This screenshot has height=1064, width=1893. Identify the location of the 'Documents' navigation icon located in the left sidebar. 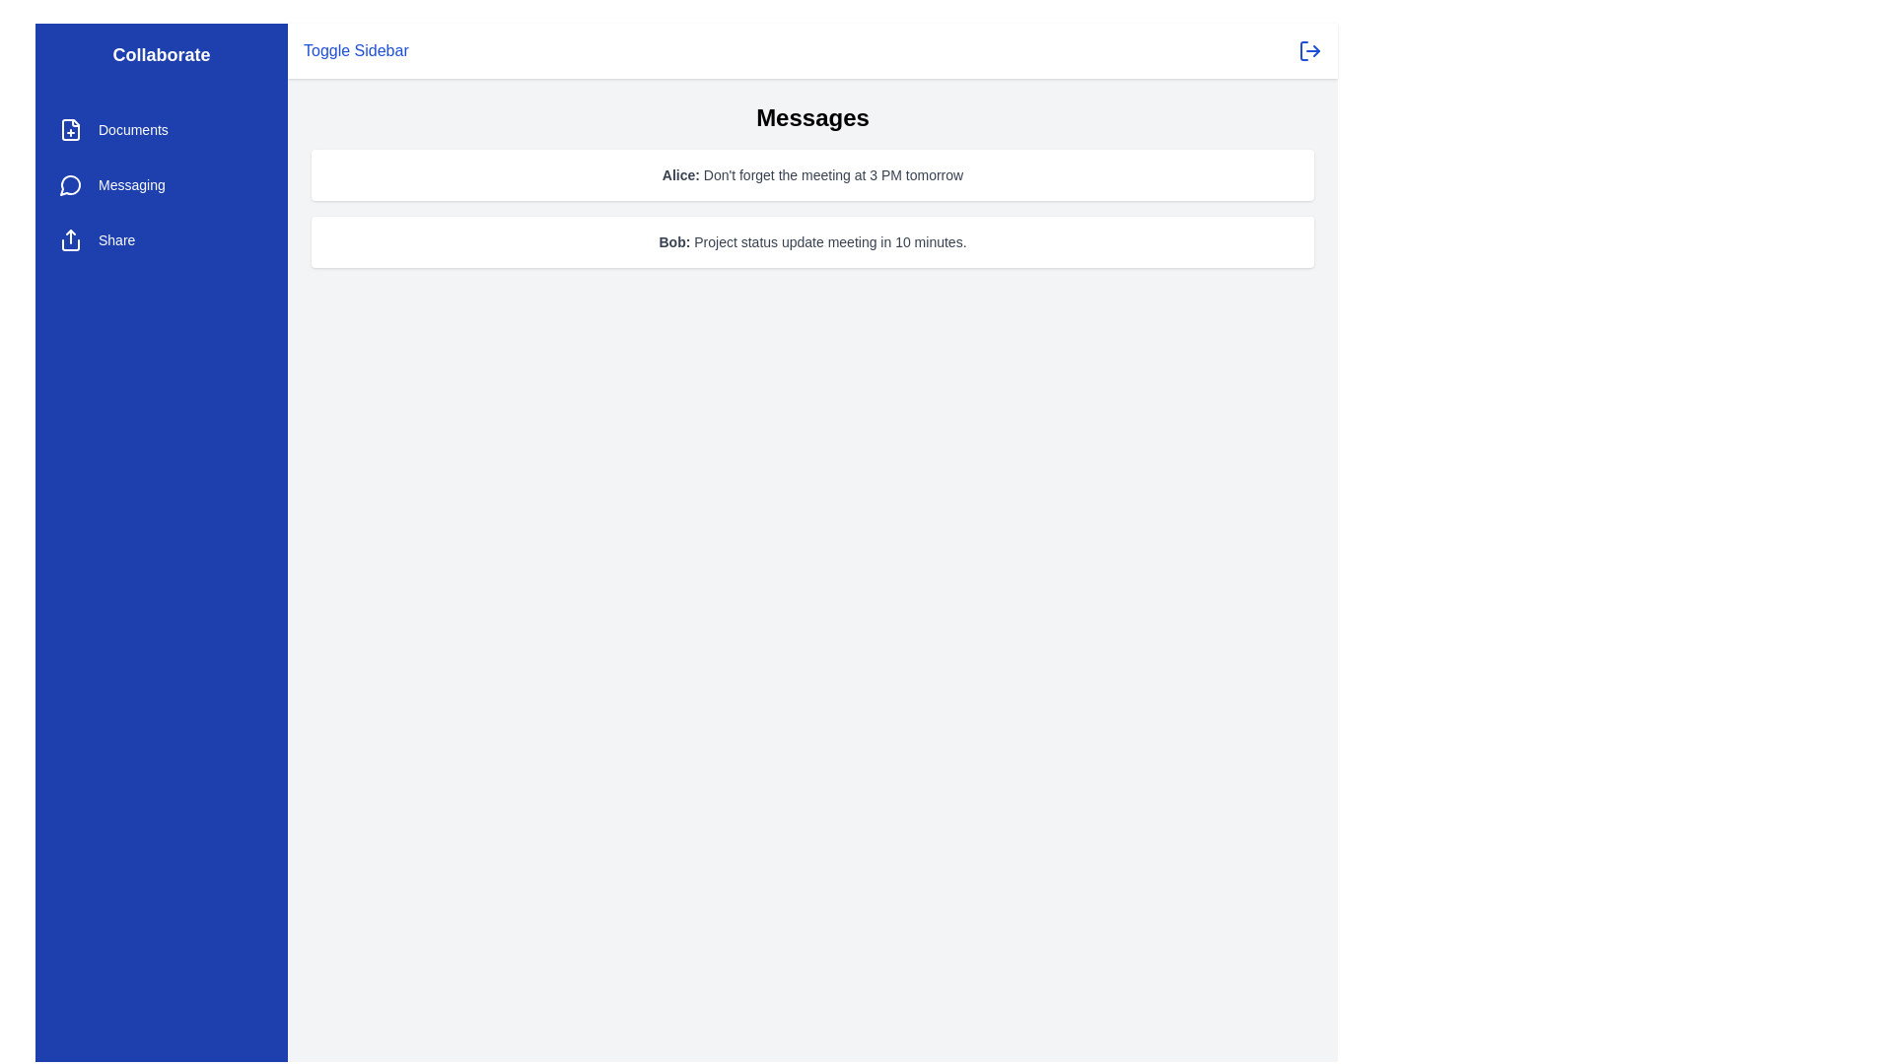
(71, 129).